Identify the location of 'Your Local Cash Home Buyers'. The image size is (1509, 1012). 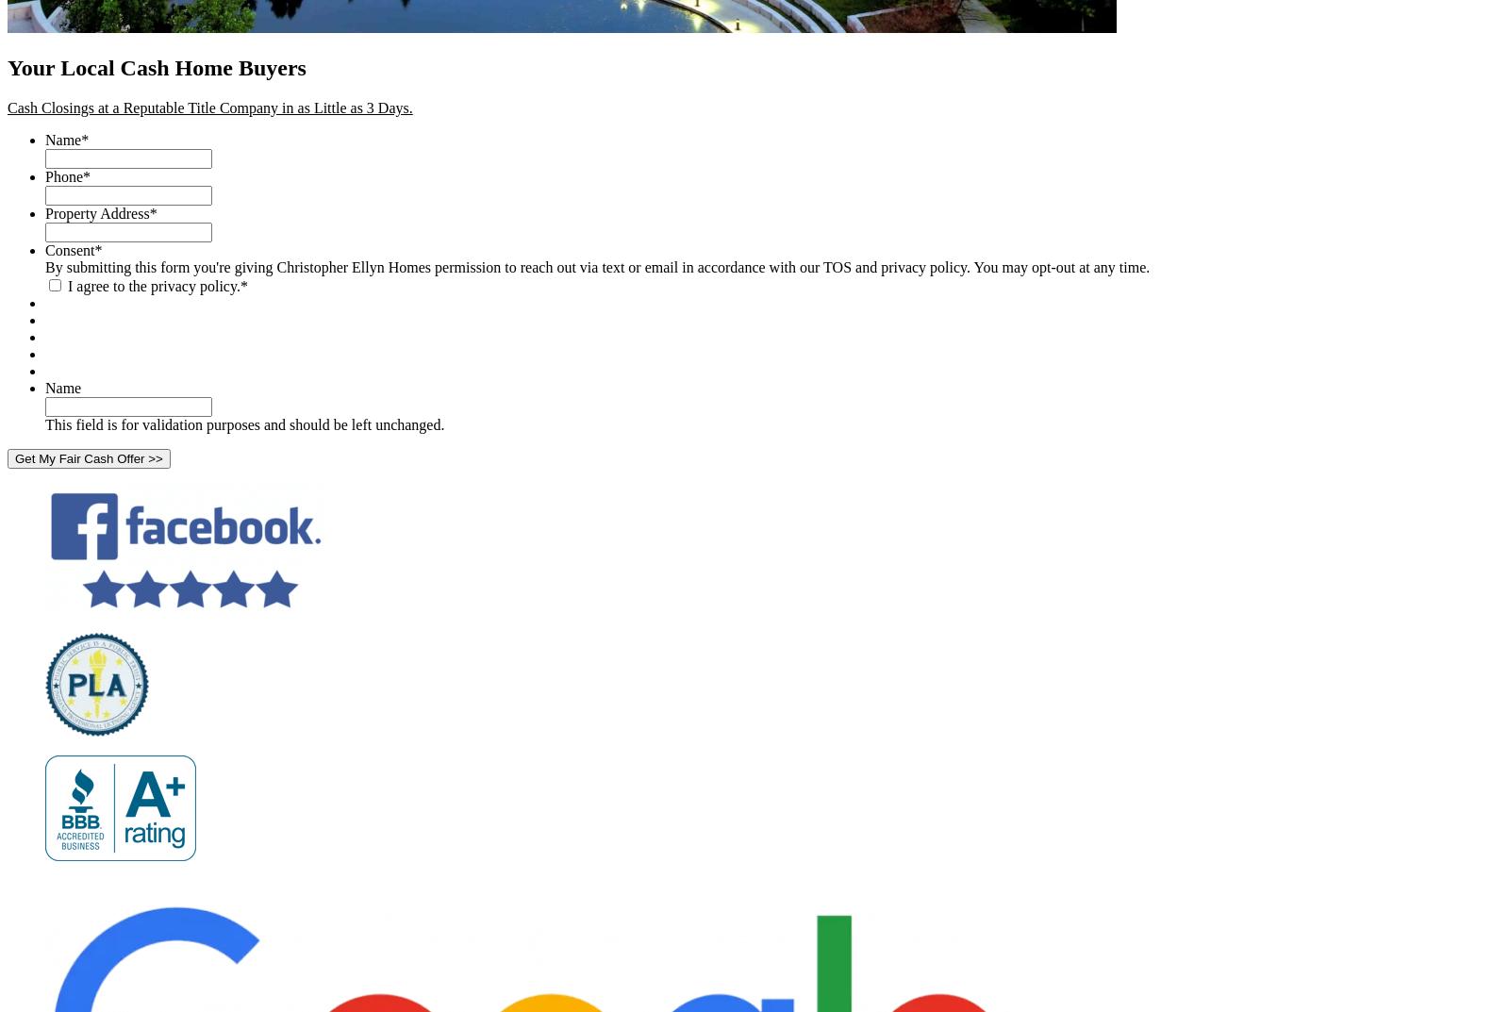
(156, 67).